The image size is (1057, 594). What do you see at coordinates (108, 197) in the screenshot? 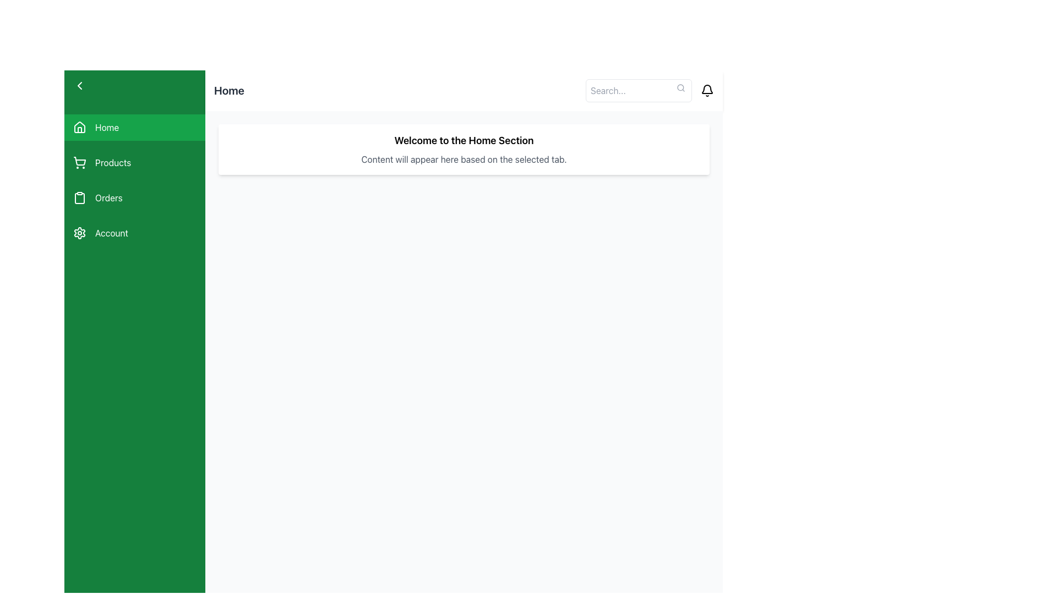
I see `the 'Orders' text label in the vertical navigation menu, which is styled with a standard font on a green background and is positioned next to a clipboard icon` at bounding box center [108, 197].